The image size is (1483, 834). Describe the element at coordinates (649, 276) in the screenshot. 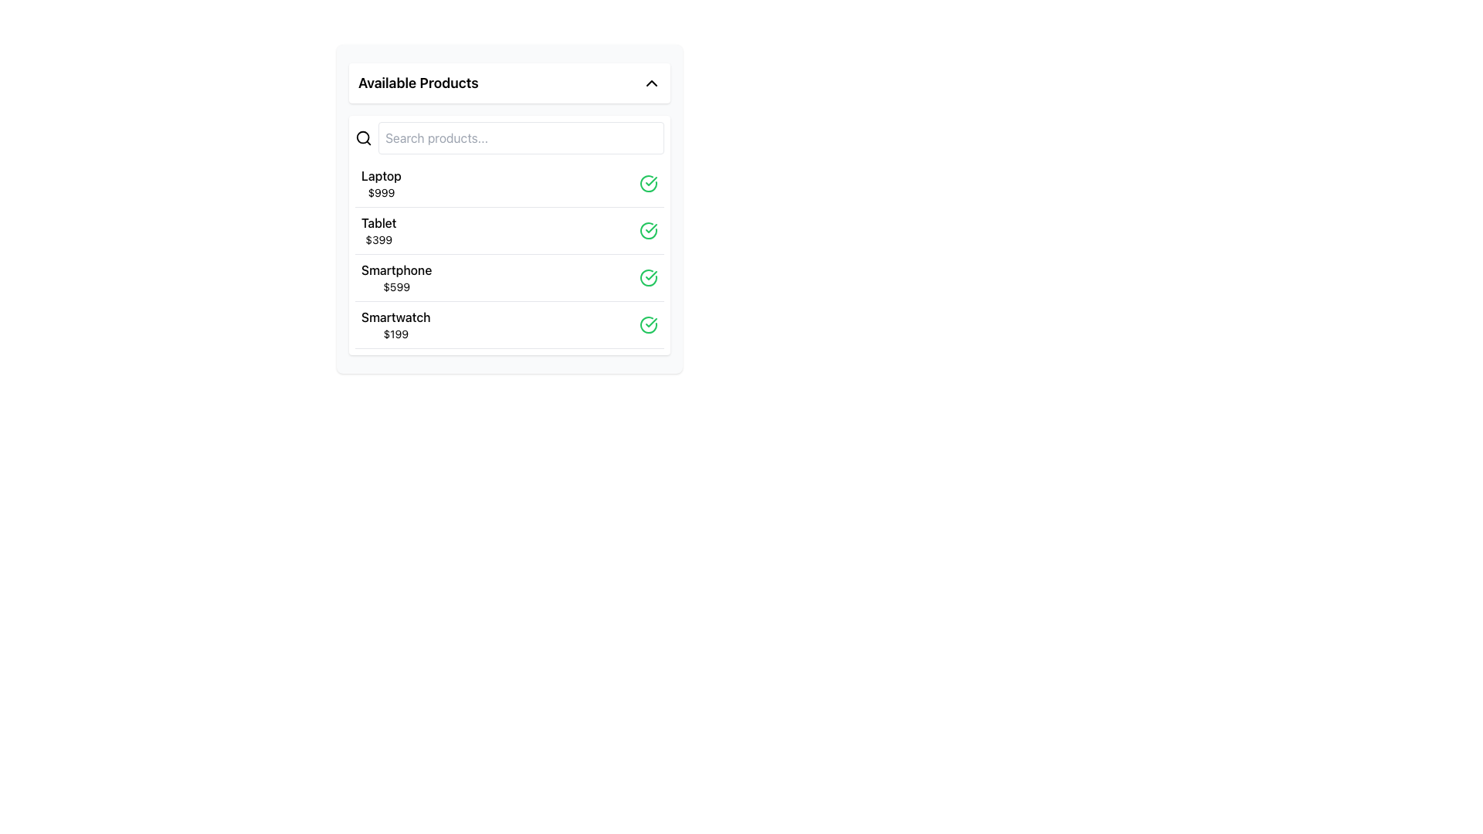

I see `the green circular icon with a checkmark inside, located to the far right of the row containing 'Smartphone' and '$599'` at that location.